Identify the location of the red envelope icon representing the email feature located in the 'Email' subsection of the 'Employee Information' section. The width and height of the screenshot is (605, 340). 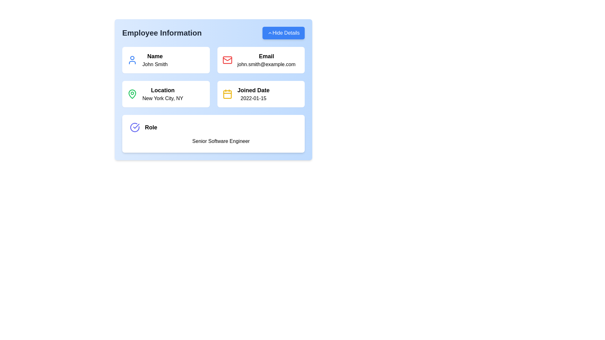
(227, 60).